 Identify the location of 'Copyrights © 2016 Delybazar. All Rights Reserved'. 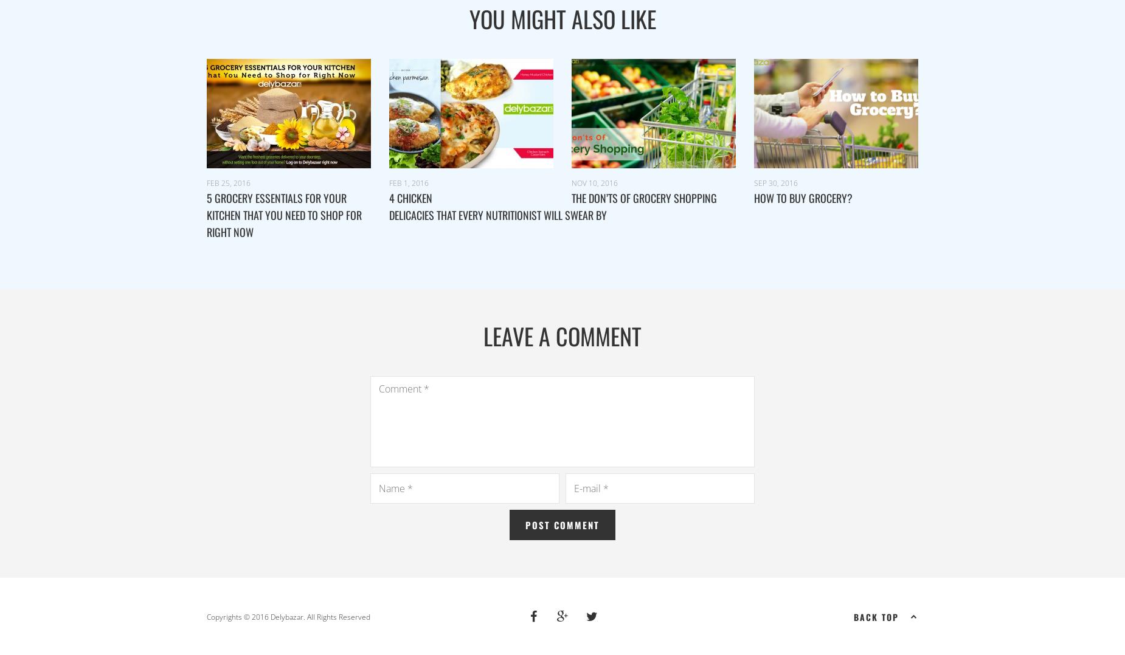
(288, 616).